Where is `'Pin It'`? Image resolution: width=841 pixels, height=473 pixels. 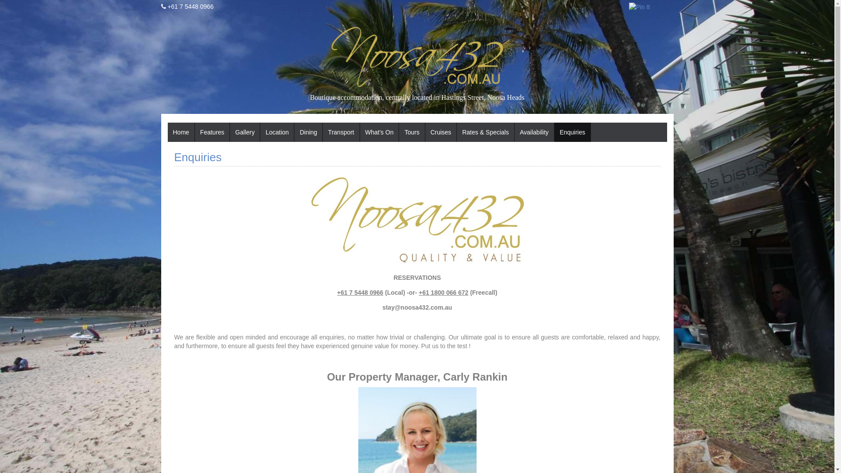 'Pin It' is located at coordinates (639, 7).